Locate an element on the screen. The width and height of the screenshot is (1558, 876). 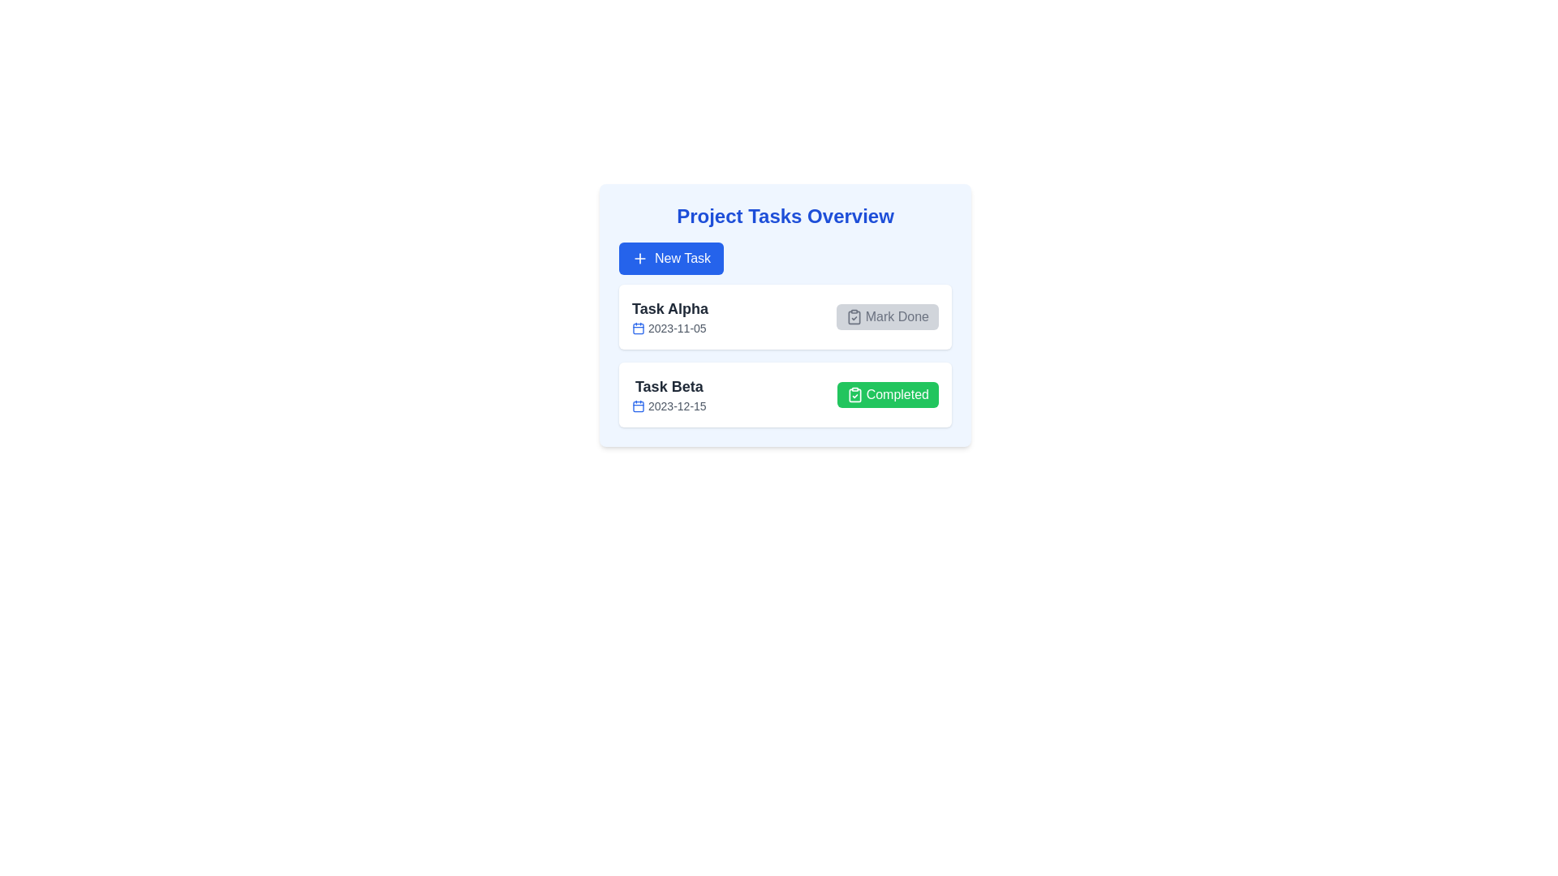
the title text on the second task card is located at coordinates (669, 394).